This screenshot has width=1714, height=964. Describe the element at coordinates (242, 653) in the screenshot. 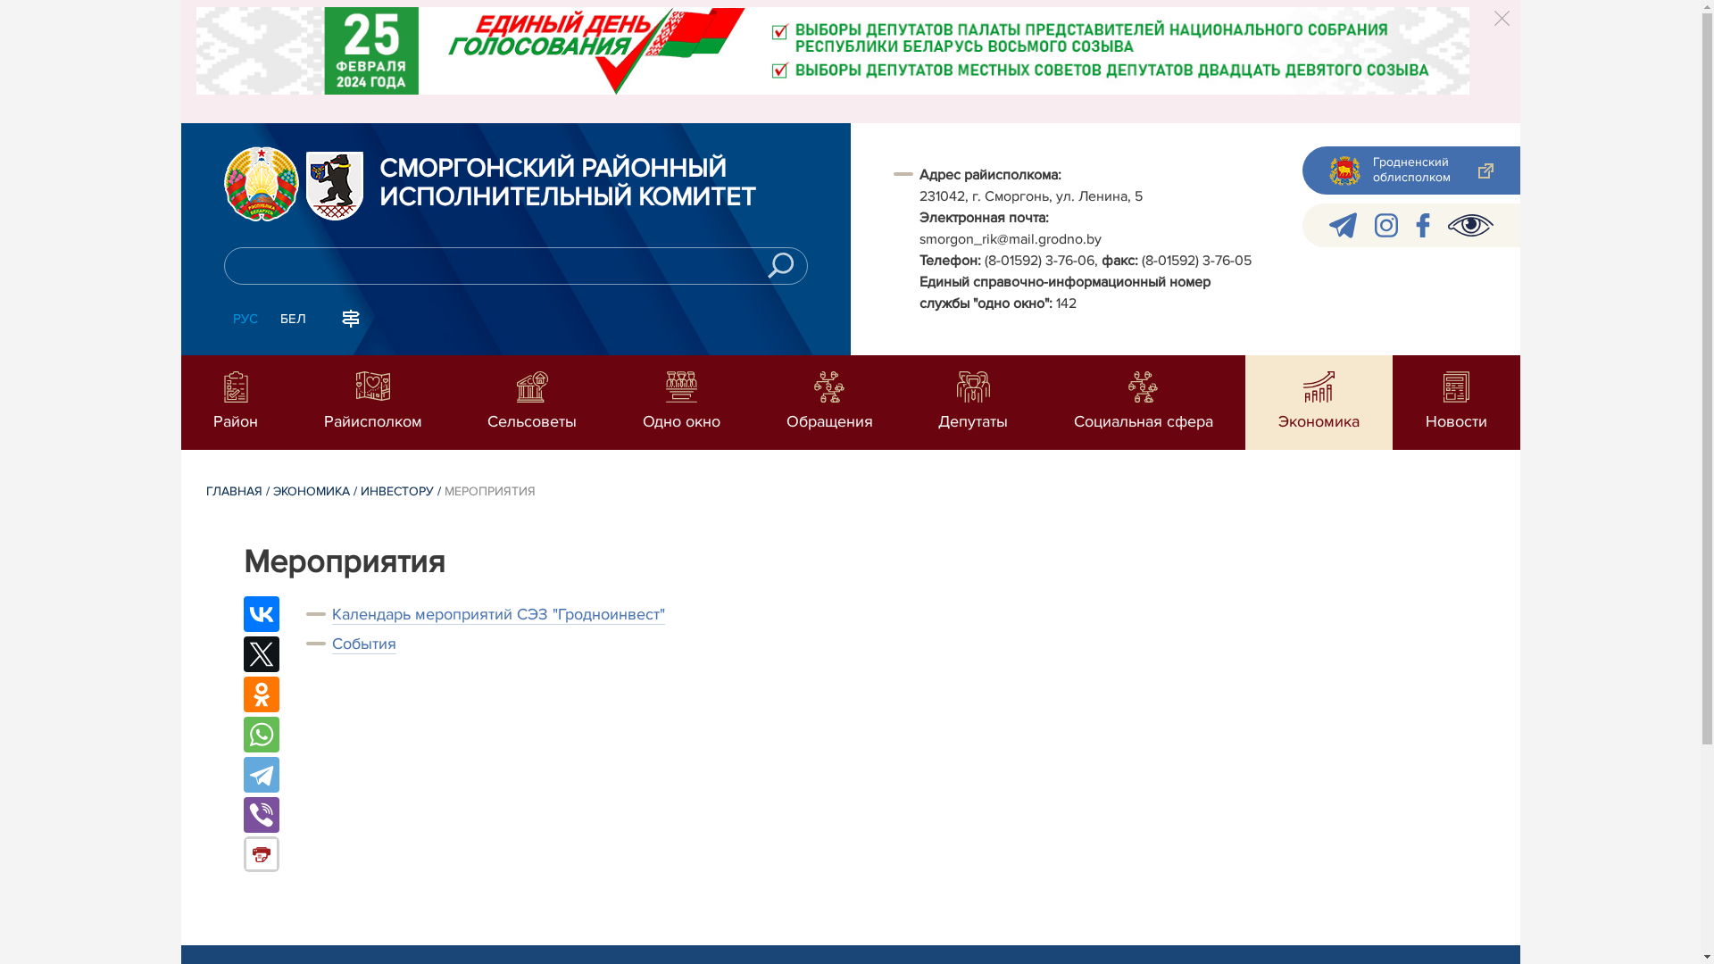

I see `'Twitter'` at that location.